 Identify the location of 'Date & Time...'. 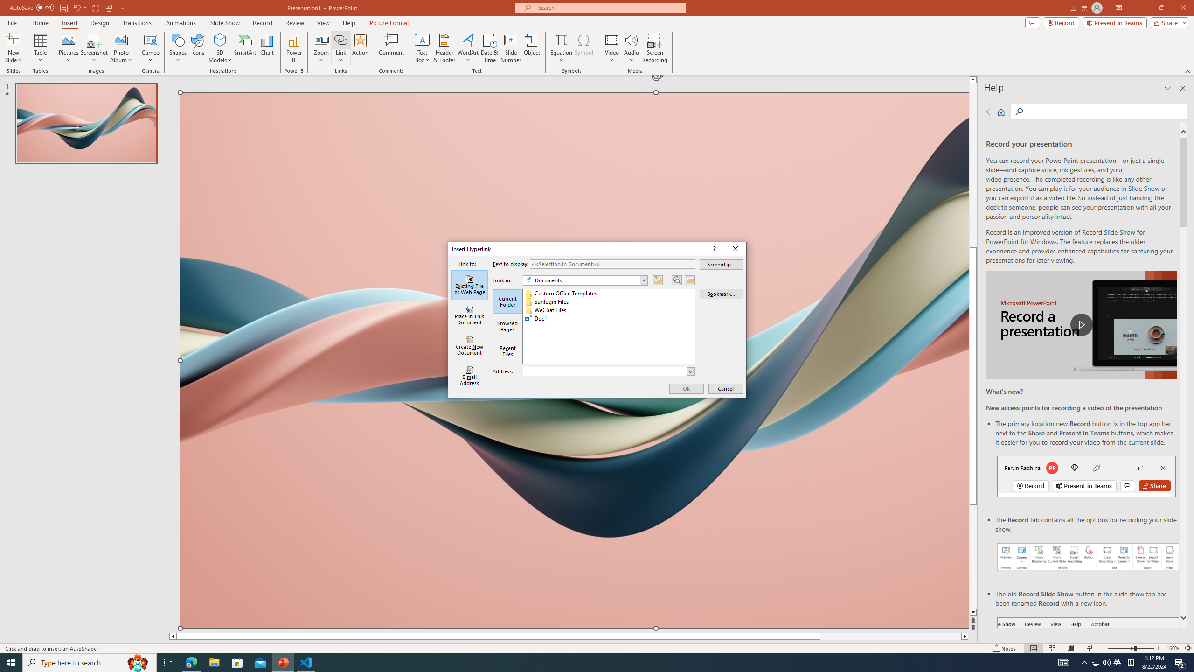
(489, 48).